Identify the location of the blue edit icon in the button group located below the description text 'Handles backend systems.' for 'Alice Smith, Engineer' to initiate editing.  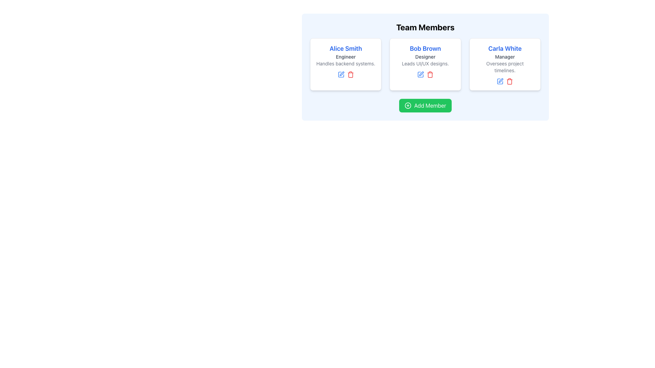
(346, 75).